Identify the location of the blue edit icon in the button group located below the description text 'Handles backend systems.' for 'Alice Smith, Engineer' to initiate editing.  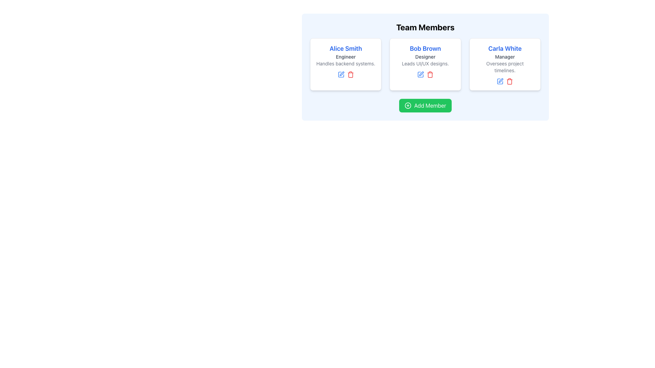
(346, 75).